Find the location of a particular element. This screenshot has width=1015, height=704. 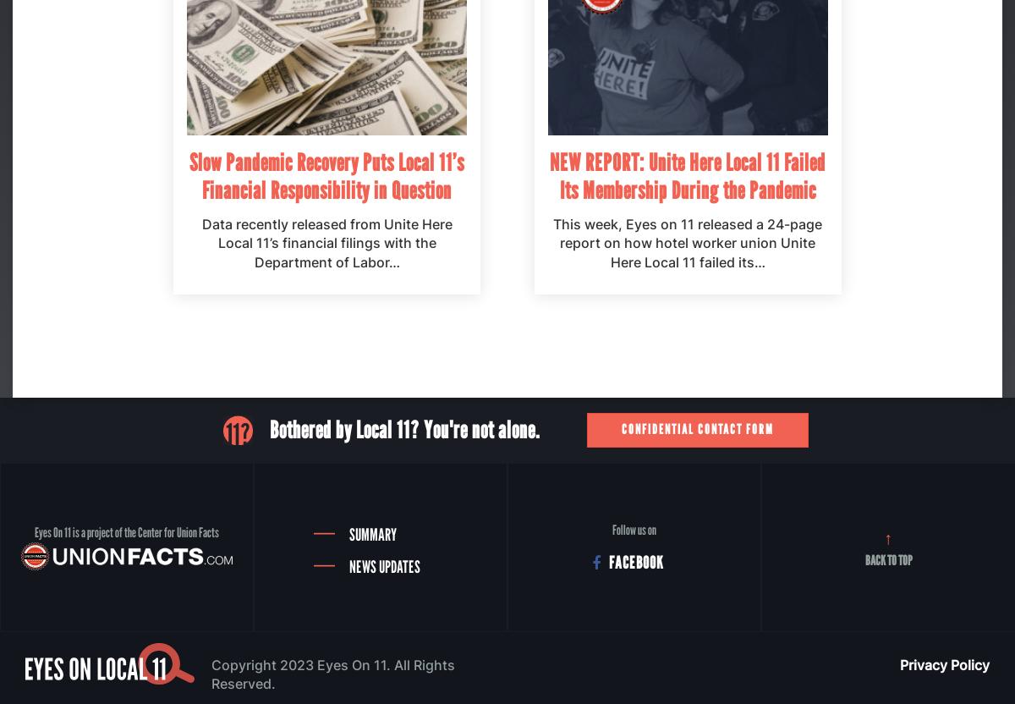

'BACK TO TOP' is located at coordinates (888, 559).